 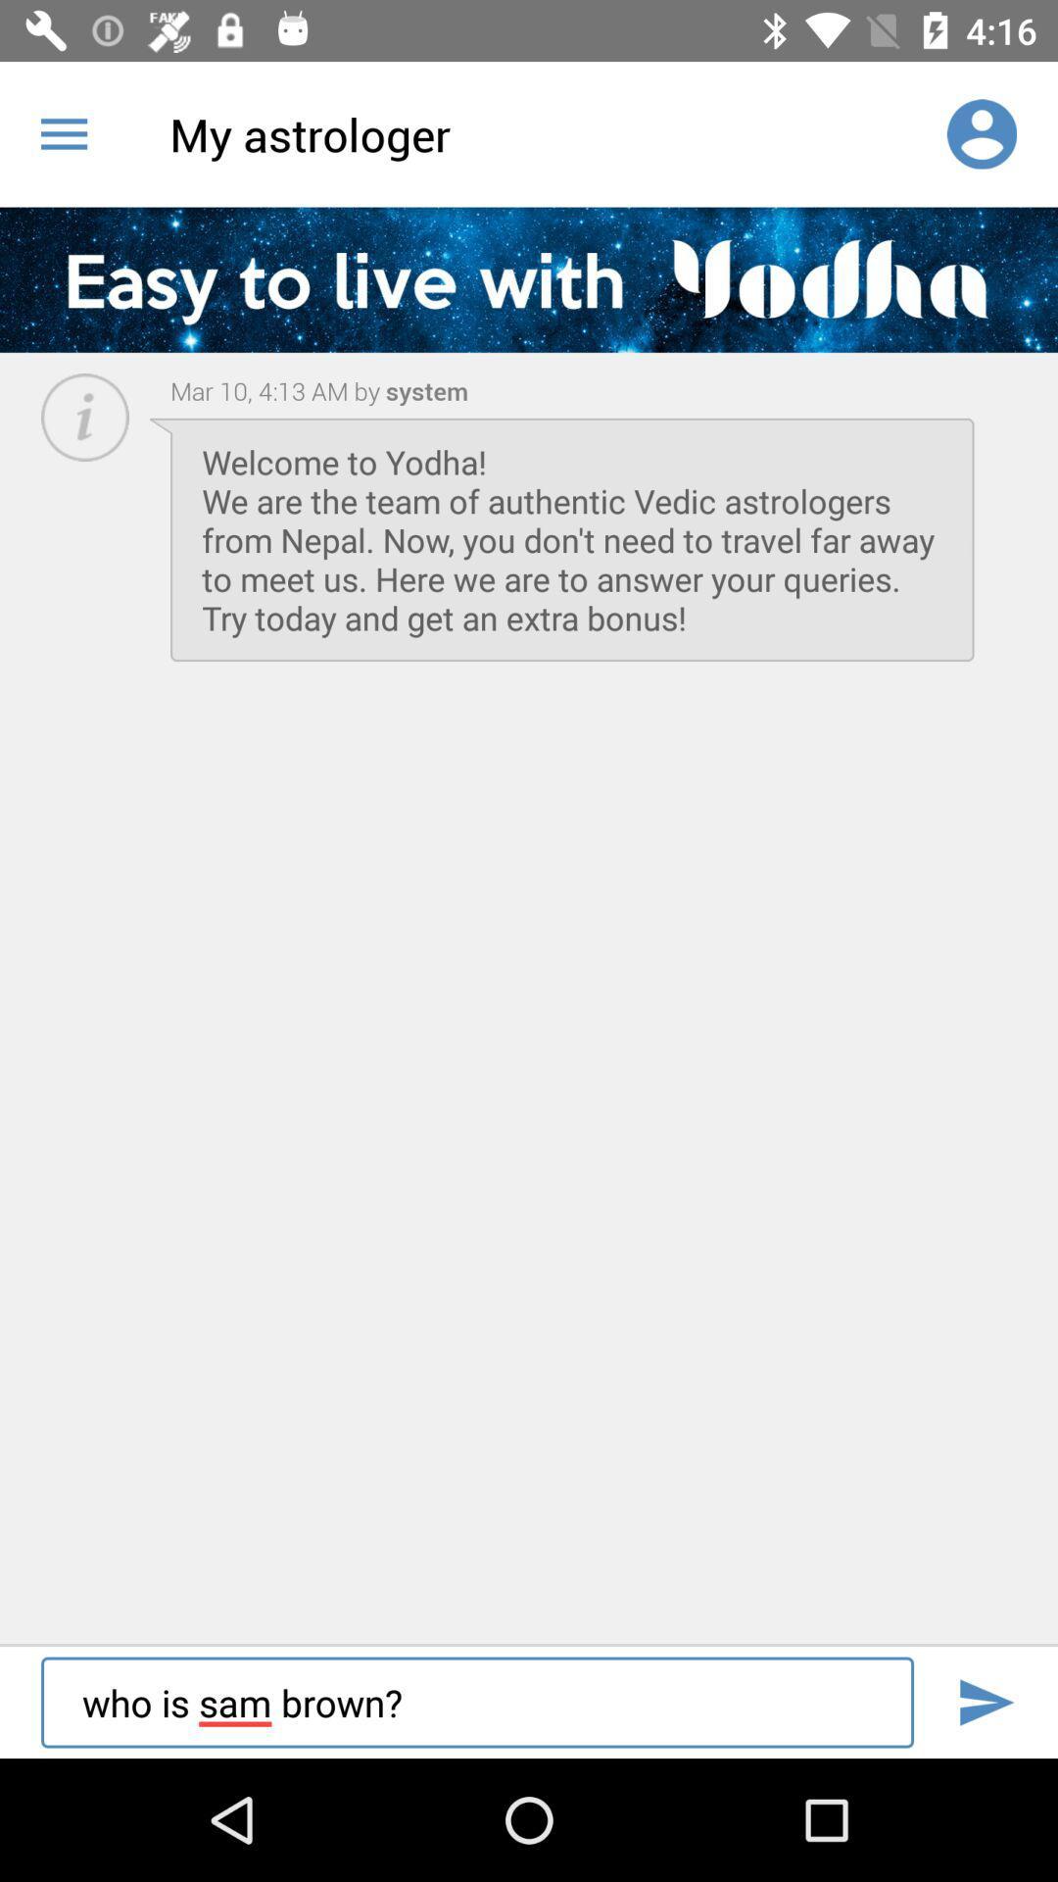 What do you see at coordinates (572, 539) in the screenshot?
I see `the item below mar 10 4 item` at bounding box center [572, 539].